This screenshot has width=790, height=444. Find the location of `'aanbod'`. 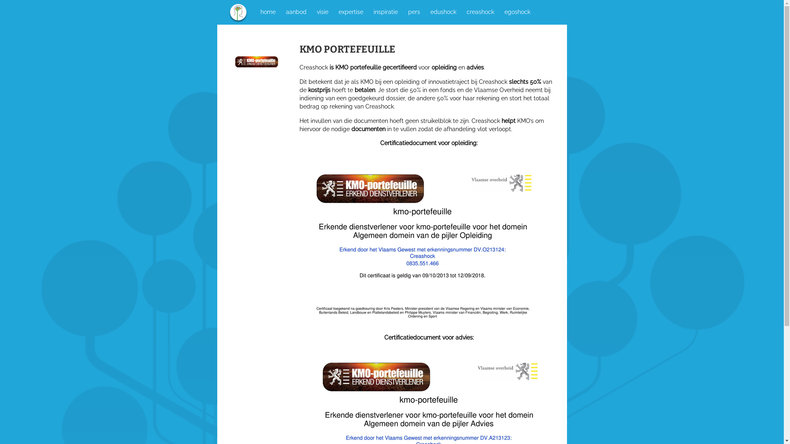

'aanbod' is located at coordinates (296, 12).